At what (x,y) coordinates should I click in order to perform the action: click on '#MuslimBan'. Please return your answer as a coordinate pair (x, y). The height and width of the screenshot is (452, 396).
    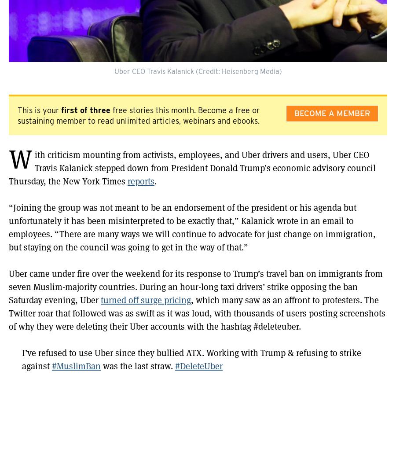
    Looking at the image, I should click on (51, 366).